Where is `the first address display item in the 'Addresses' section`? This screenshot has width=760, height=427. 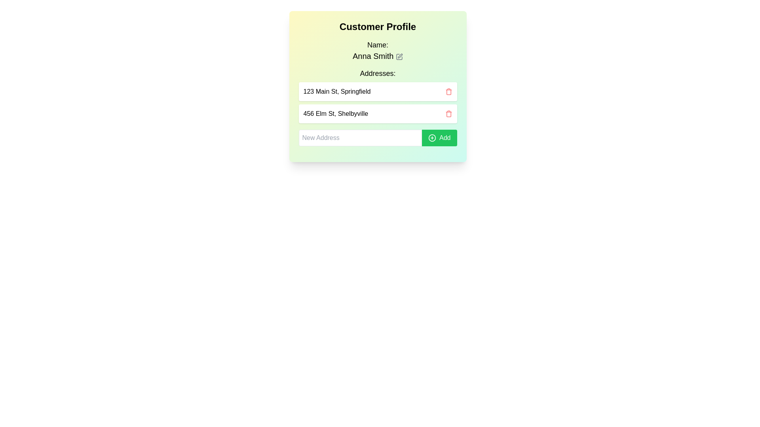
the first address display item in the 'Addresses' section is located at coordinates (377, 91).